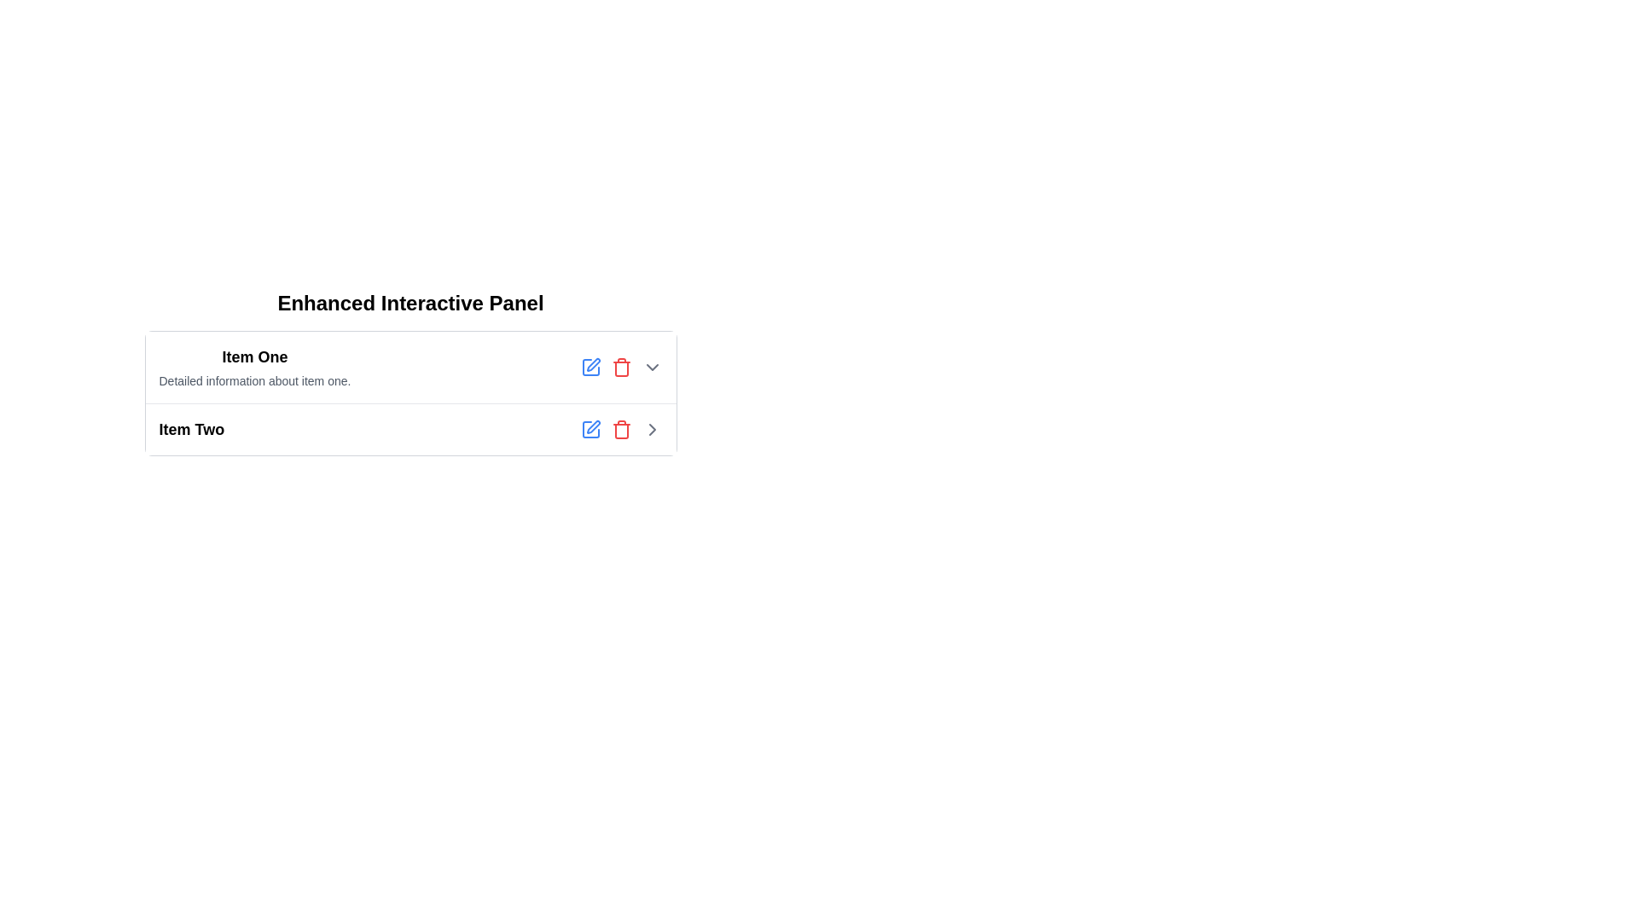  Describe the element at coordinates (620, 367) in the screenshot. I see `the red trash can icon button` at that location.